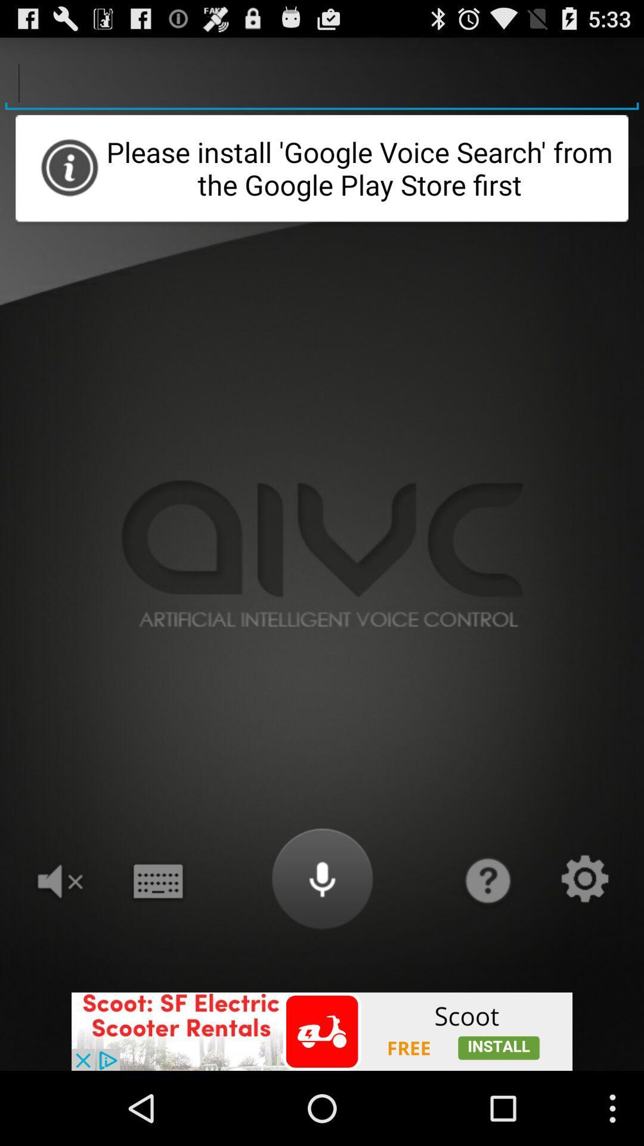  What do you see at coordinates (322, 1031) in the screenshot?
I see `install an app` at bounding box center [322, 1031].